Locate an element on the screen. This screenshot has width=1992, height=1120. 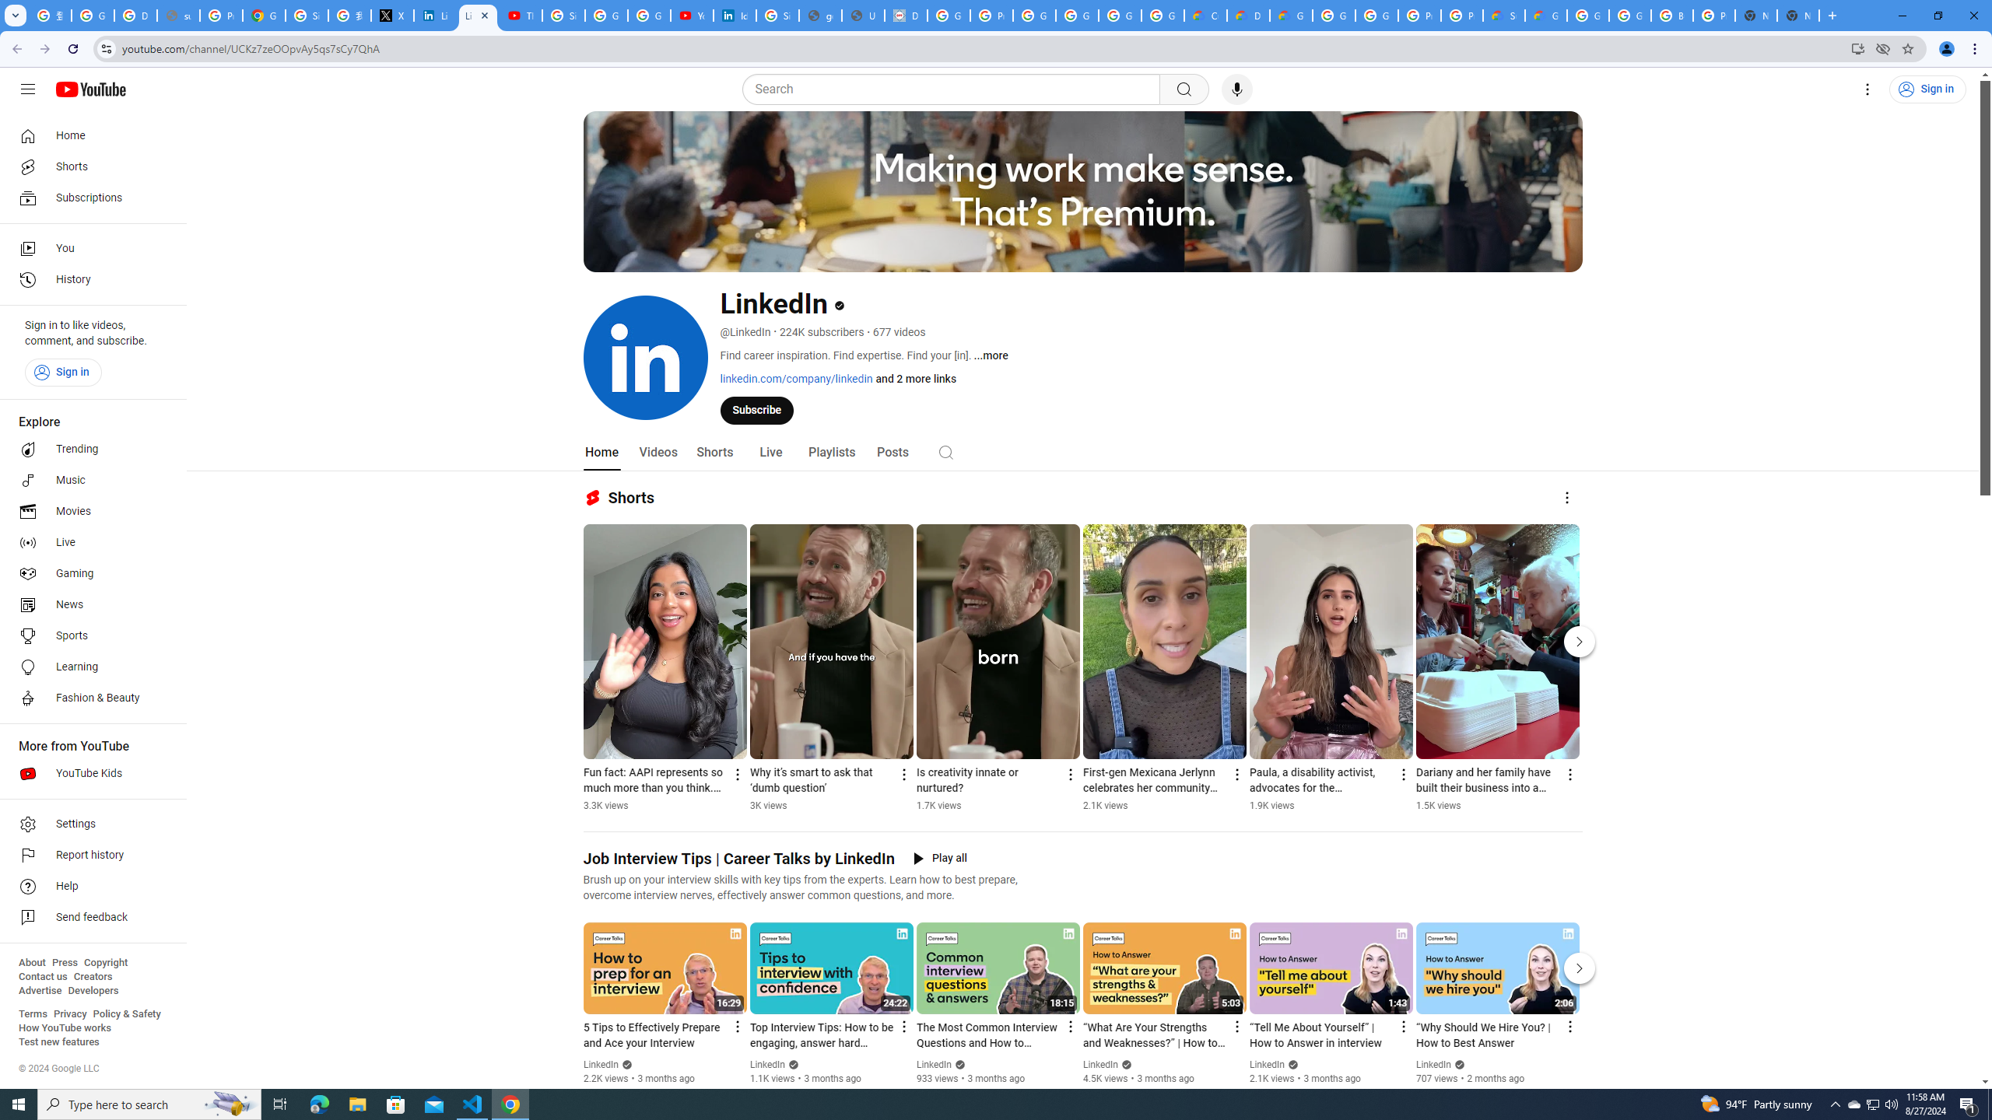
'Gaming' is located at coordinates (88, 572).